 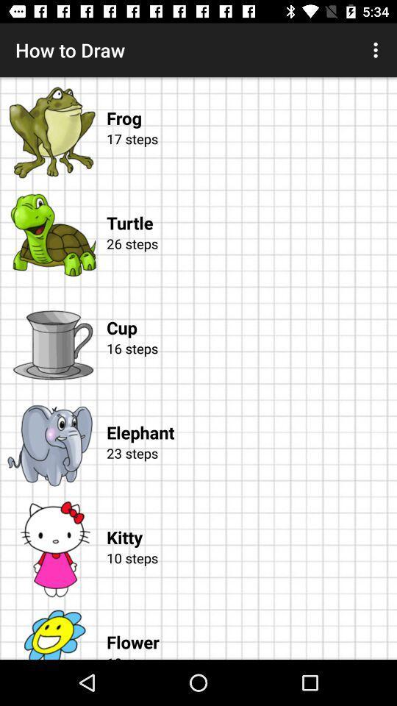 I want to click on the icon below the 23 steps icon, so click(x=251, y=522).